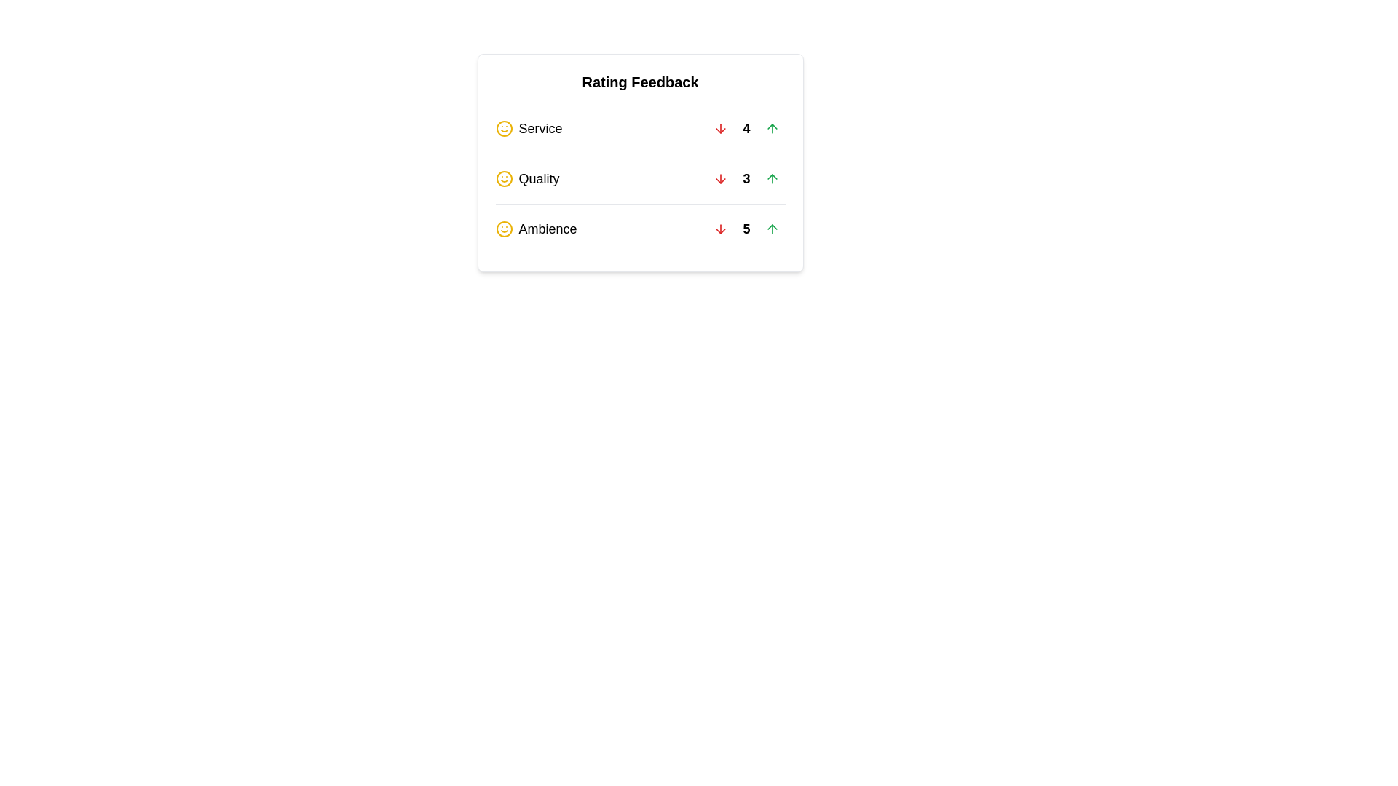 The height and width of the screenshot is (786, 1398). Describe the element at coordinates (771, 178) in the screenshot. I see `the upward-pointing green arrow button in the feedback system interface, located in the third column of the 'Quality' row, to increment the score` at that location.